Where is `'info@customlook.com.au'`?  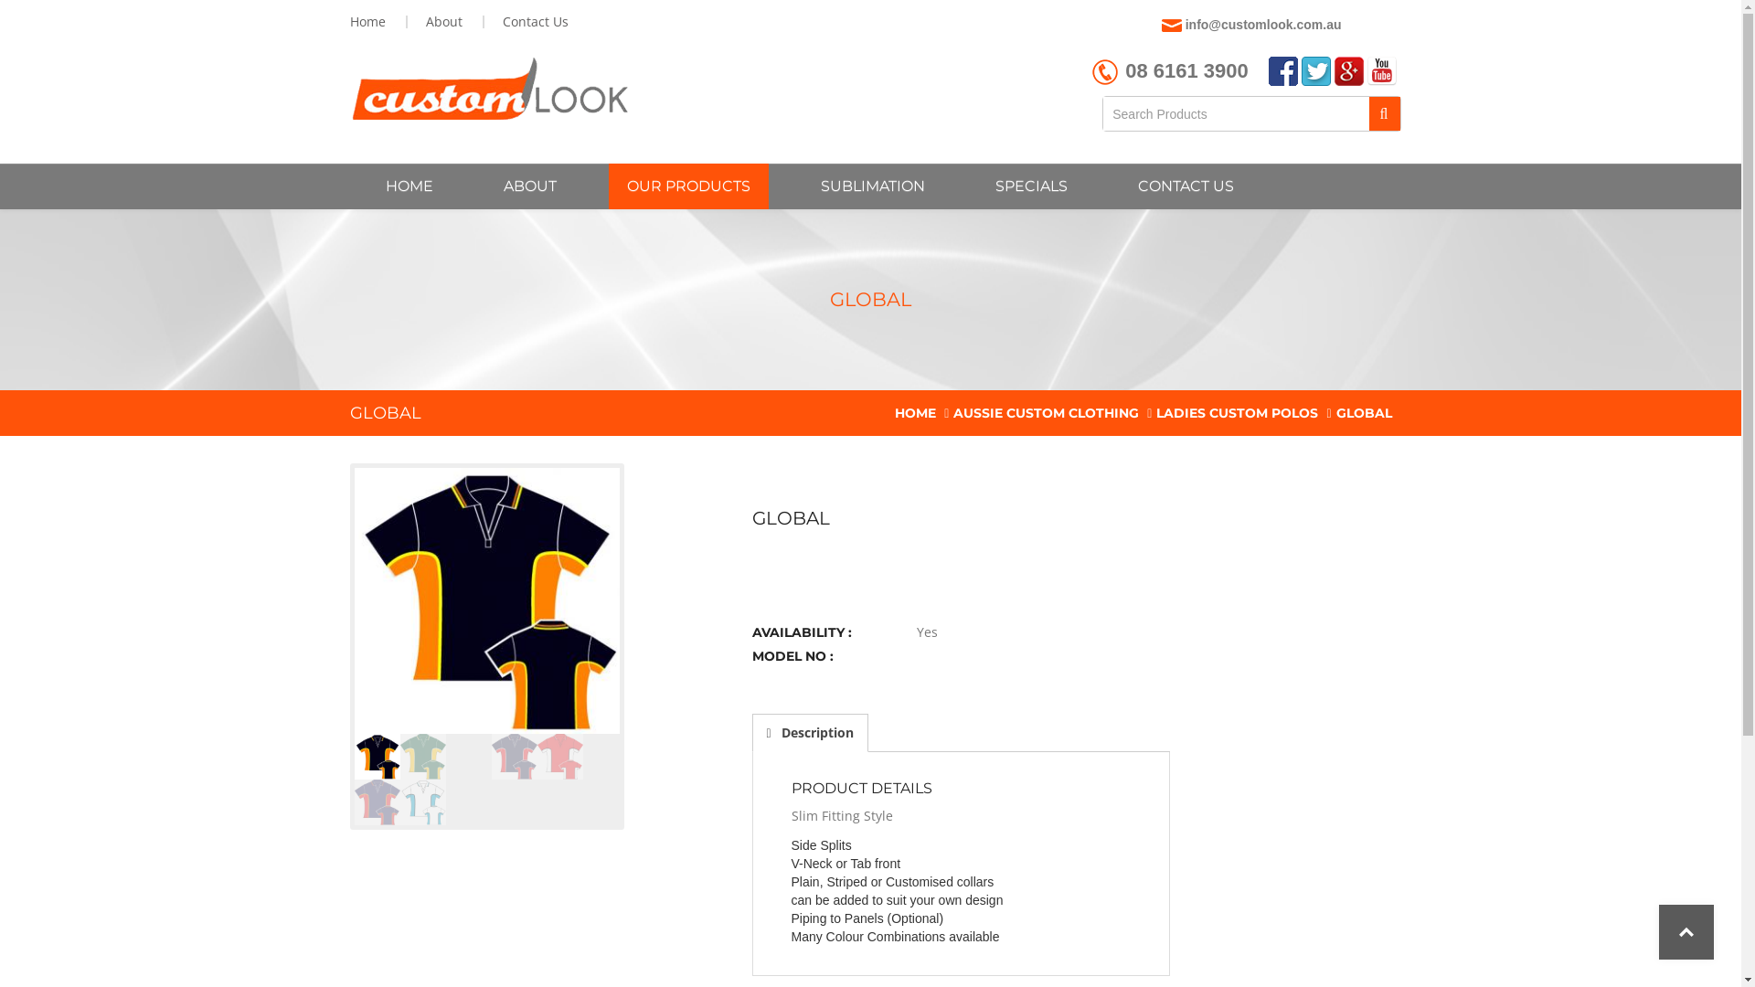
'info@customlook.com.au' is located at coordinates (1262, 25).